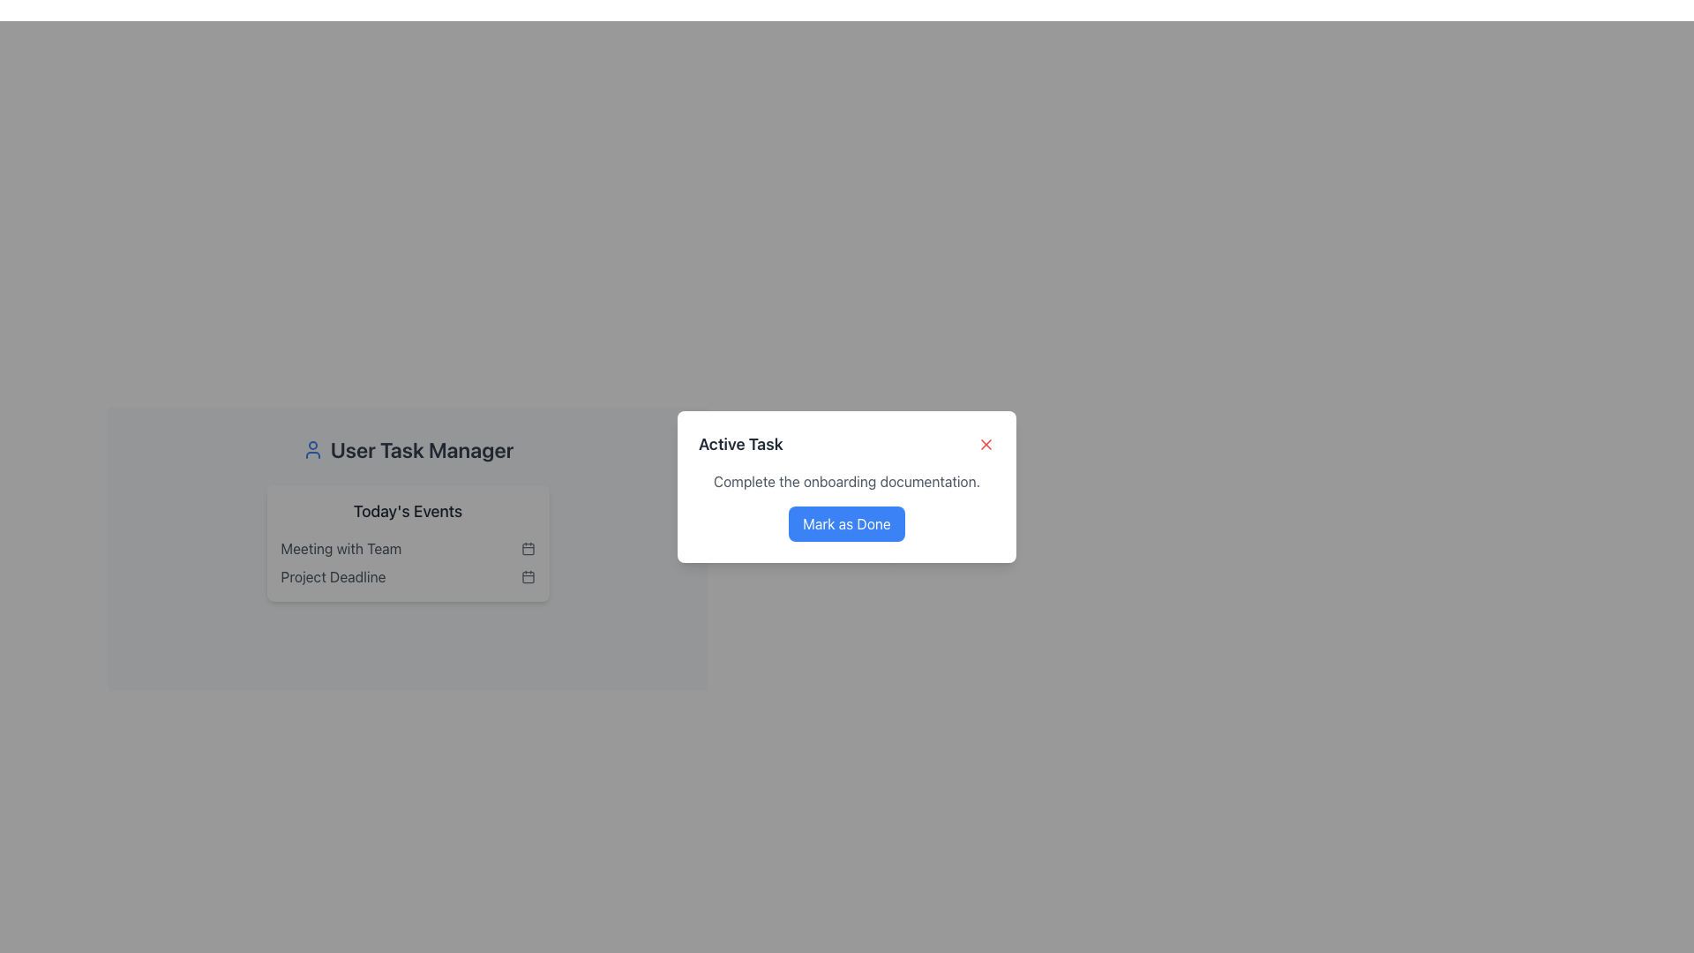 This screenshot has height=953, width=1694. What do you see at coordinates (847, 523) in the screenshot?
I see `the blue button labeled 'Mark as Done' to observe any hover-specific effects` at bounding box center [847, 523].